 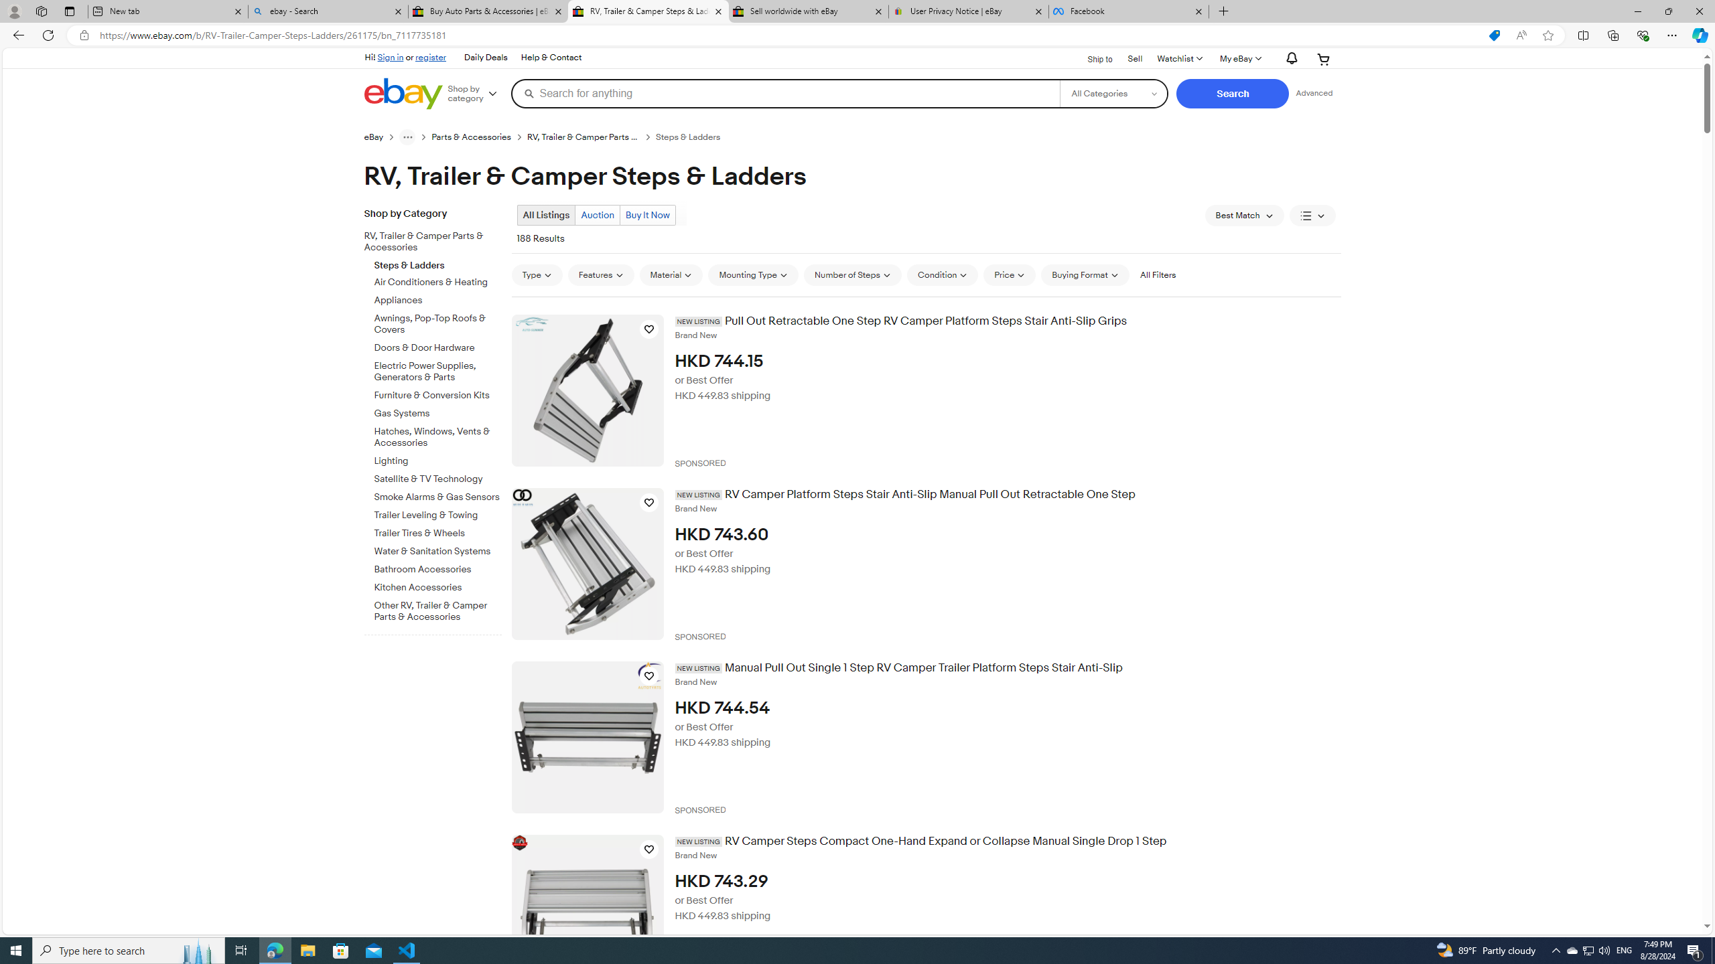 What do you see at coordinates (551, 58) in the screenshot?
I see `'Help & Contact'` at bounding box center [551, 58].